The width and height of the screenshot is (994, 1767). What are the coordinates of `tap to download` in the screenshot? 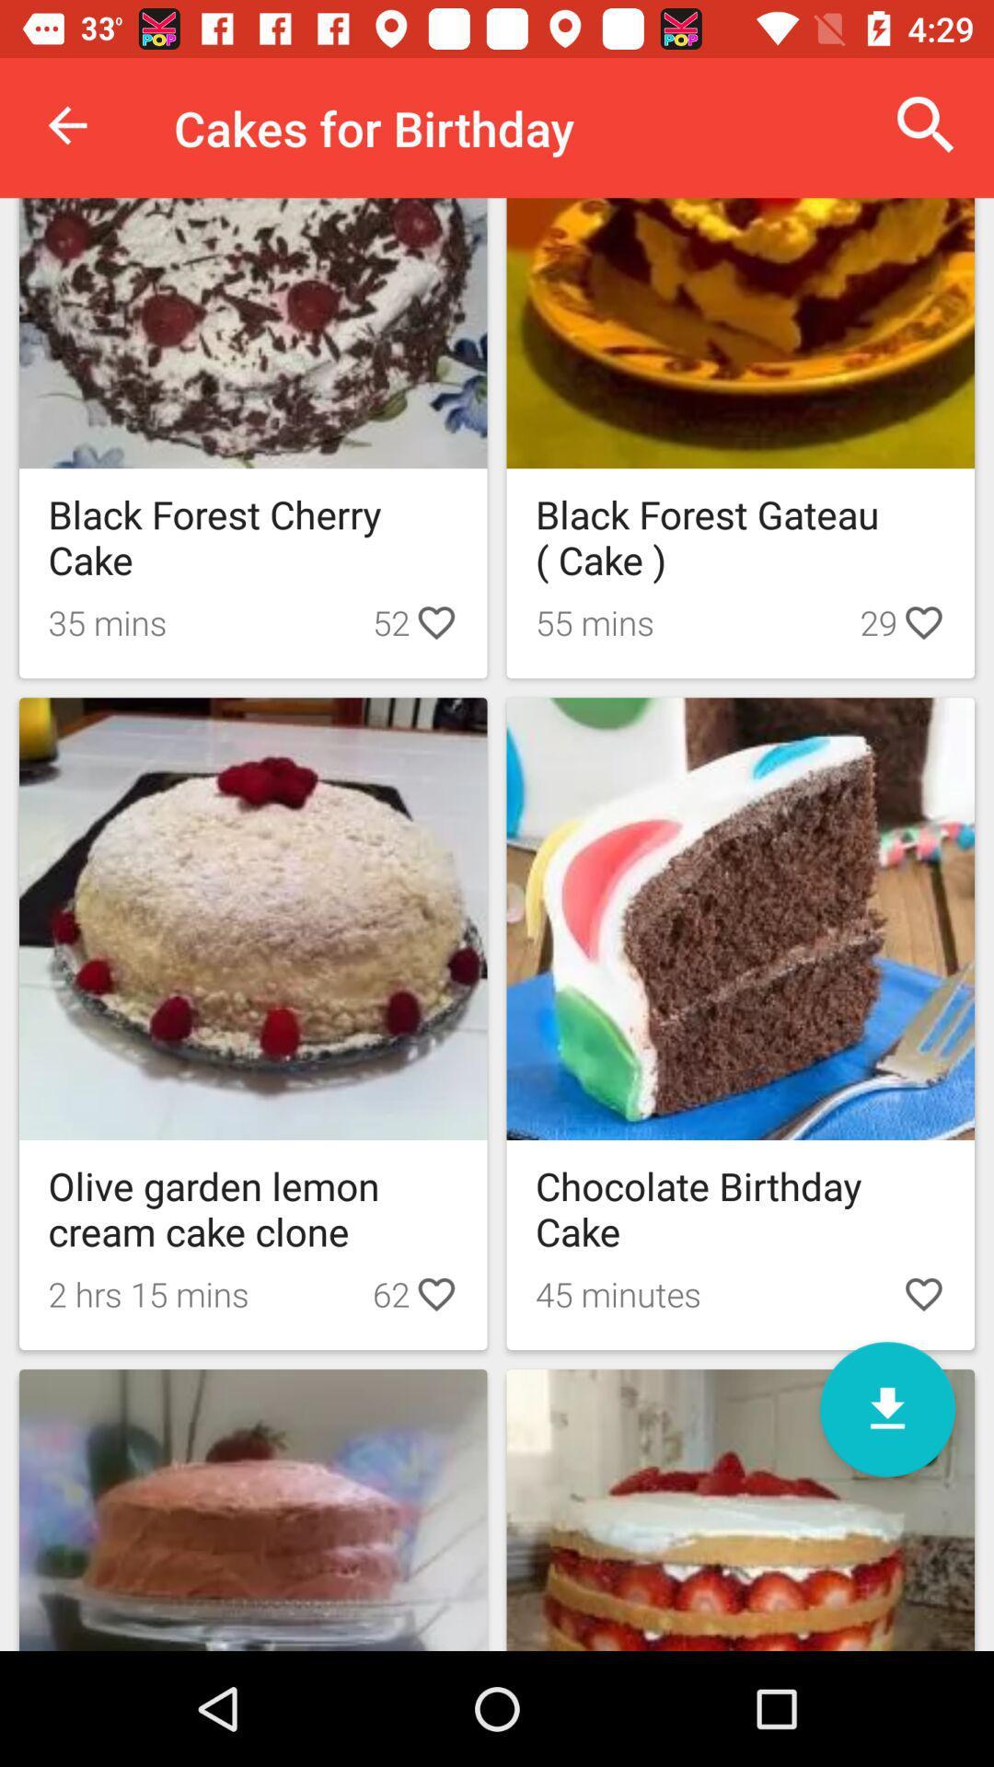 It's located at (886, 1408).